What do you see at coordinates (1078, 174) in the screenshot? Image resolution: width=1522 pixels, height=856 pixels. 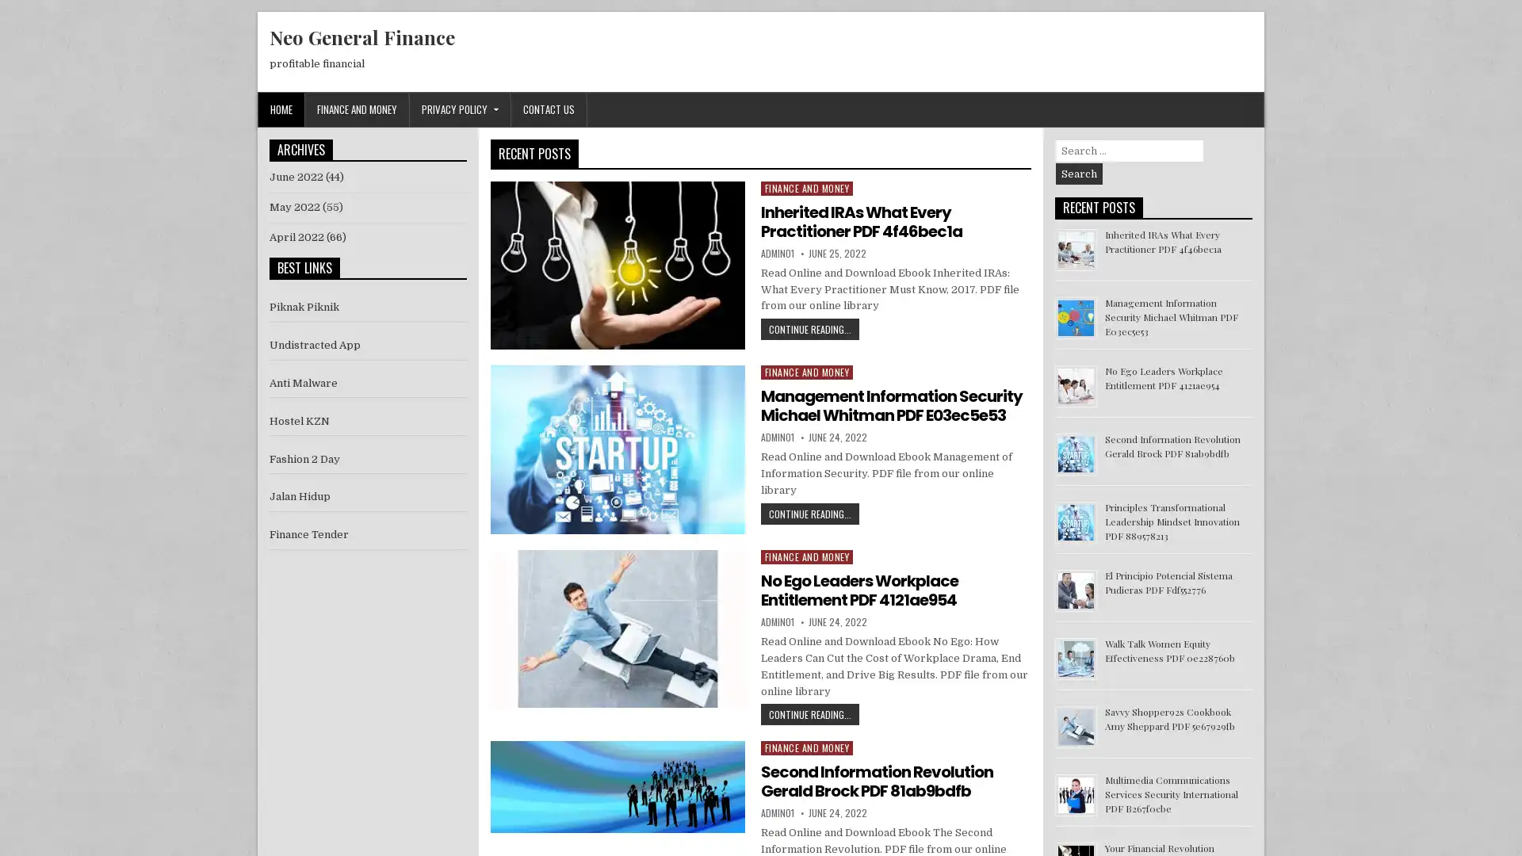 I see `Search` at bounding box center [1078, 174].